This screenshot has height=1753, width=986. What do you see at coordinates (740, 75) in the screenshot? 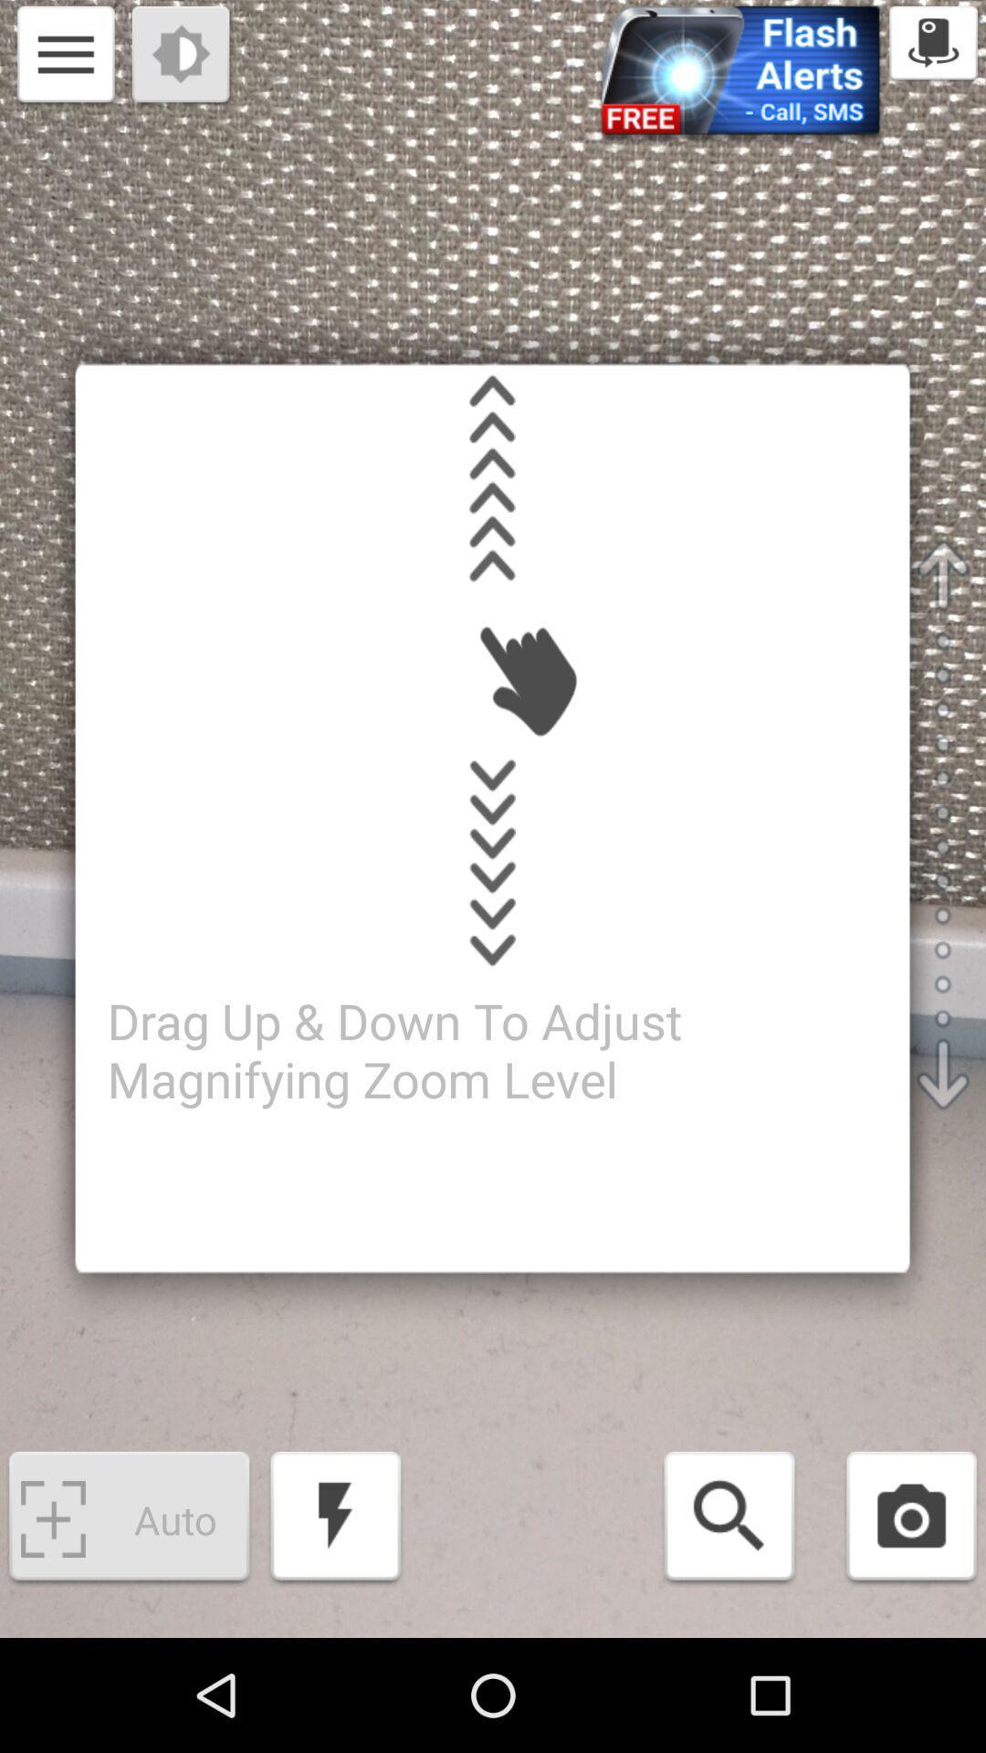
I see `the blue colored label shown right to settings icon at the top of the page` at bounding box center [740, 75].